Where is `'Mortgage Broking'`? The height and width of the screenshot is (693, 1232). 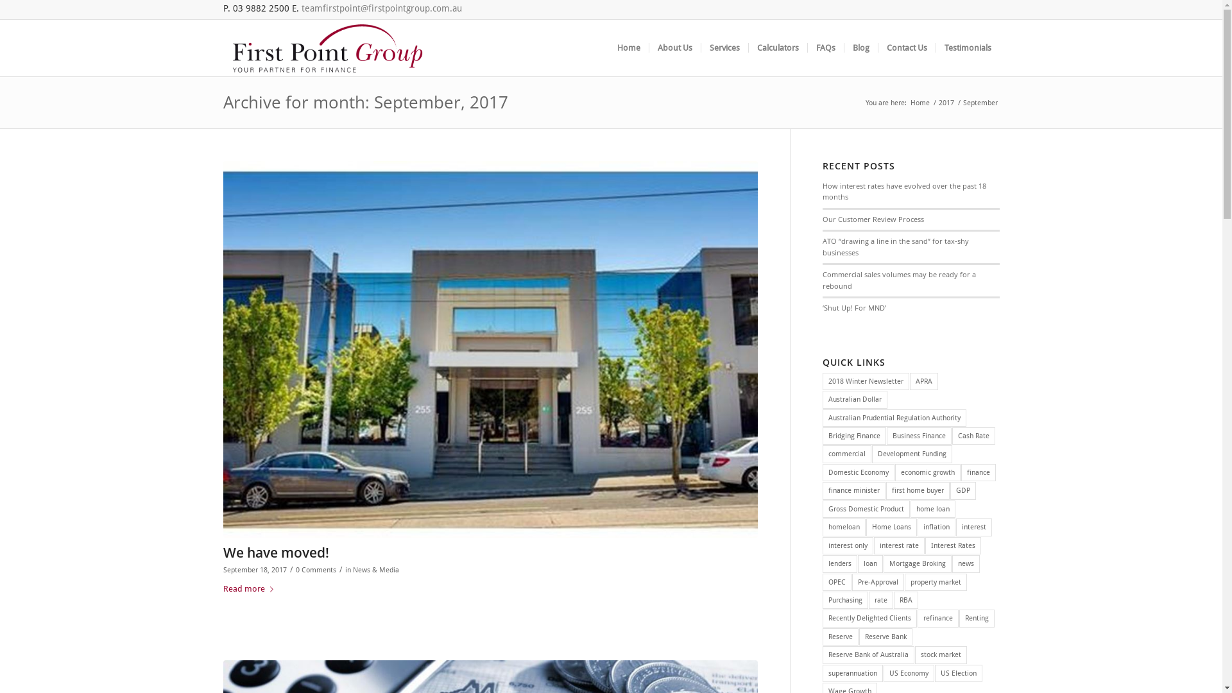 'Mortgage Broking' is located at coordinates (917, 563).